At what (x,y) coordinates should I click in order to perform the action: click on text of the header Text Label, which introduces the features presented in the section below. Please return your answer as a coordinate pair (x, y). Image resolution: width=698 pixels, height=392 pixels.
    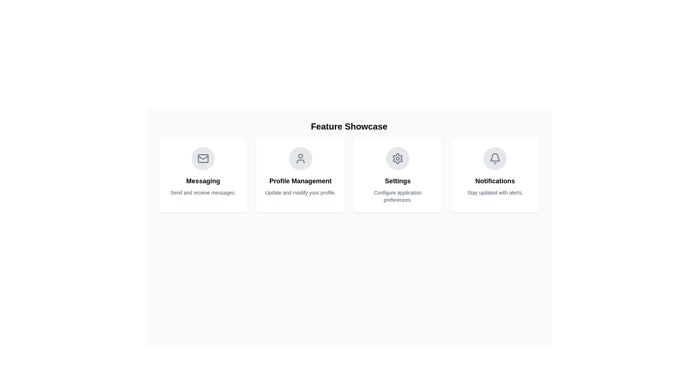
    Looking at the image, I should click on (349, 126).